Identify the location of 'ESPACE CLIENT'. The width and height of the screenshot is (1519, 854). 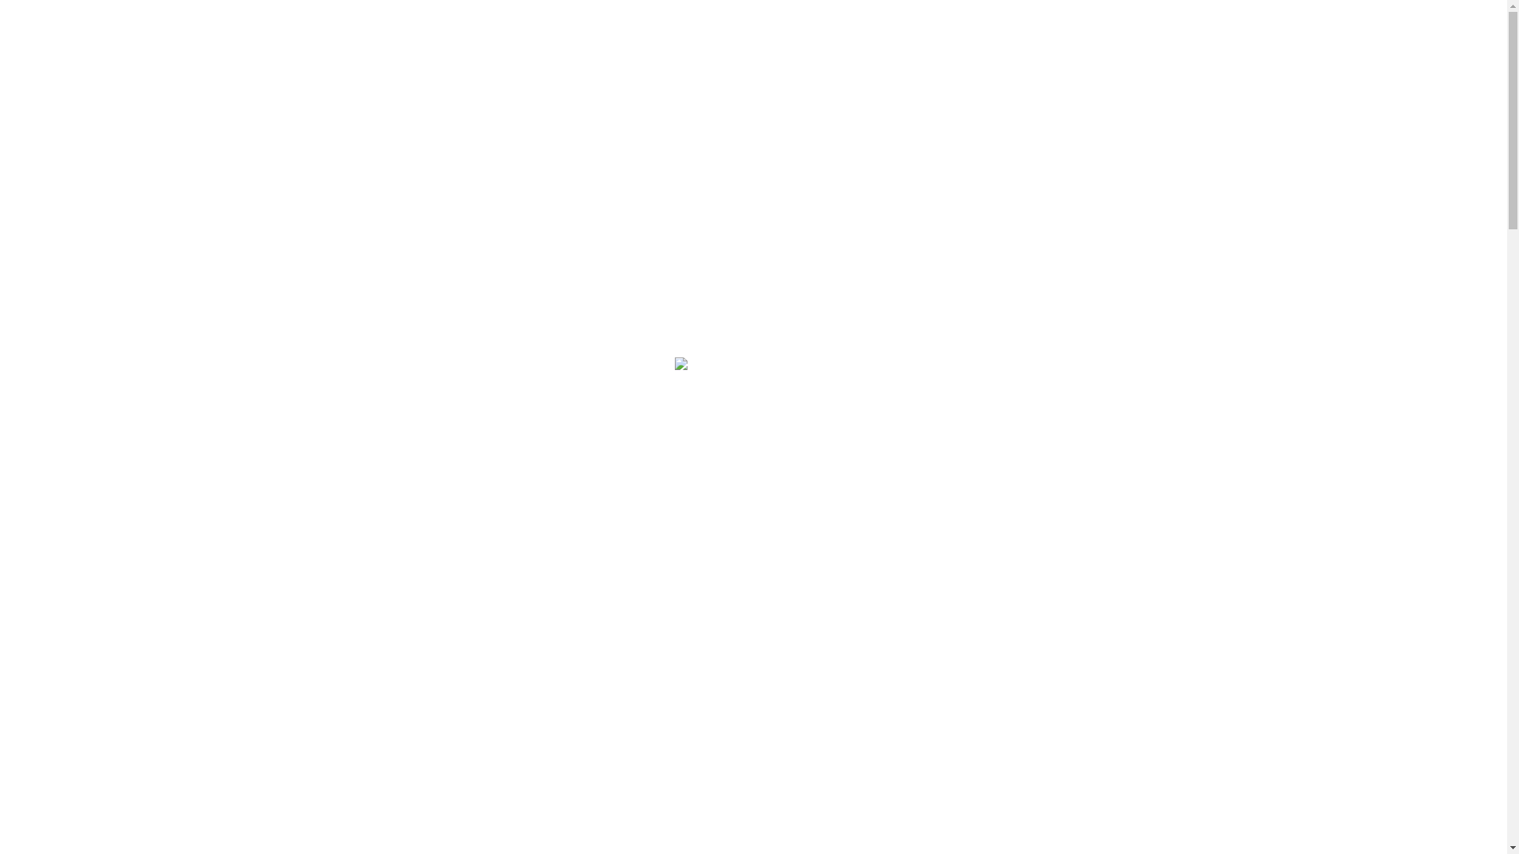
(1107, 42).